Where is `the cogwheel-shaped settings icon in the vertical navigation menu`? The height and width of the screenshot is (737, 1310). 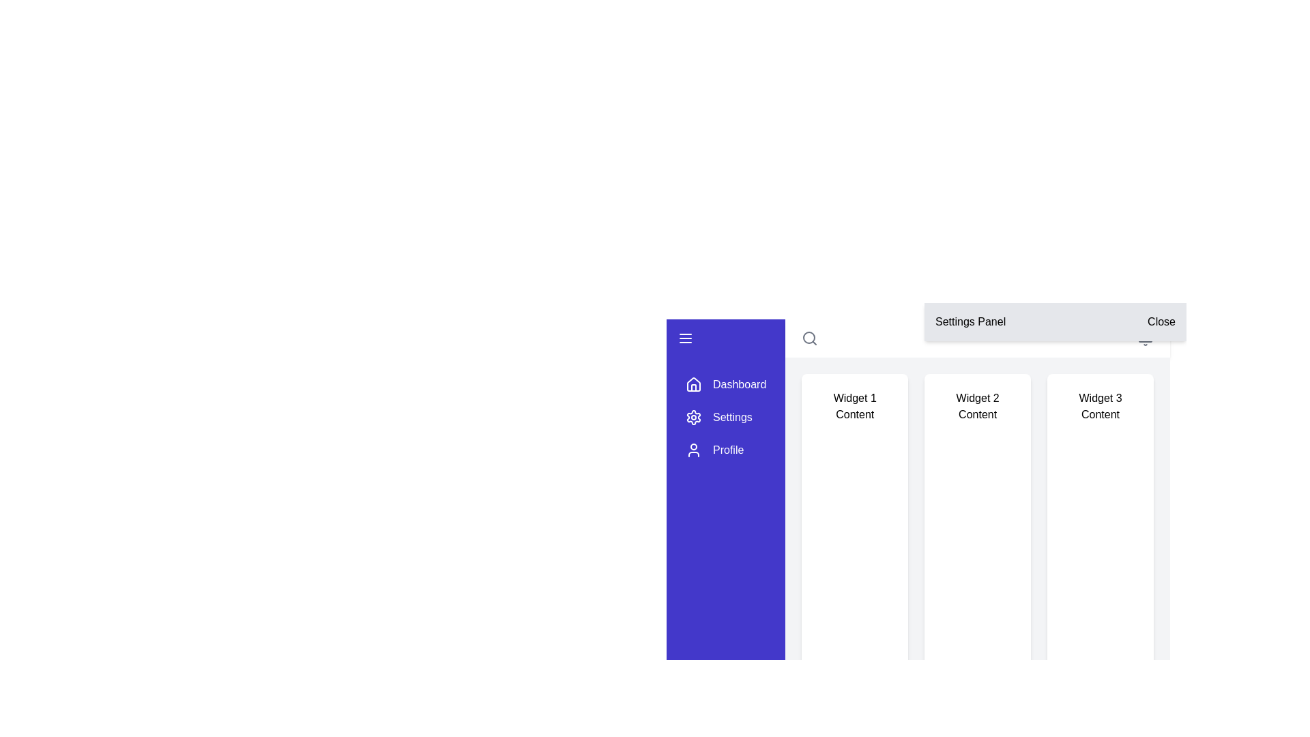 the cogwheel-shaped settings icon in the vertical navigation menu is located at coordinates (694, 417).